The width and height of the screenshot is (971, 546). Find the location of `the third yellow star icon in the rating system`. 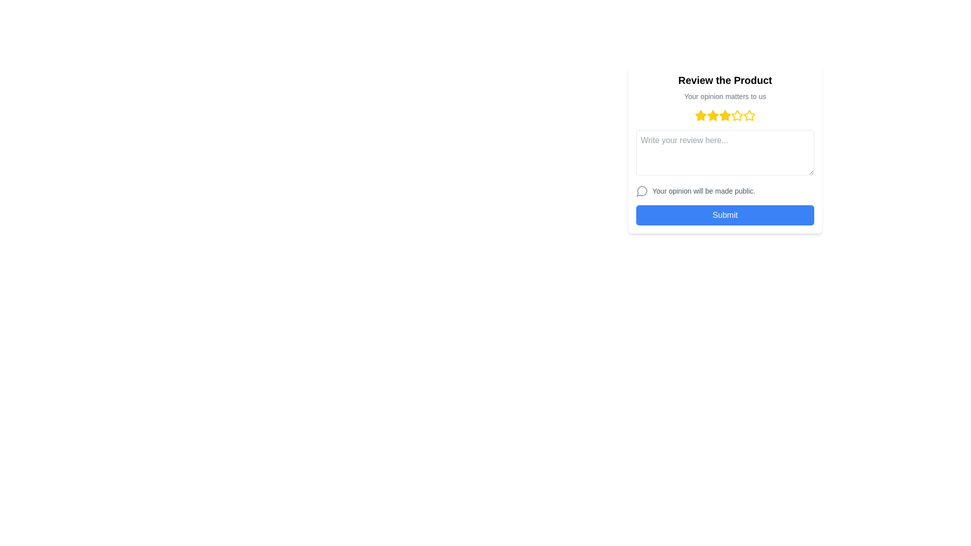

the third yellow star icon in the rating system is located at coordinates (713, 115).